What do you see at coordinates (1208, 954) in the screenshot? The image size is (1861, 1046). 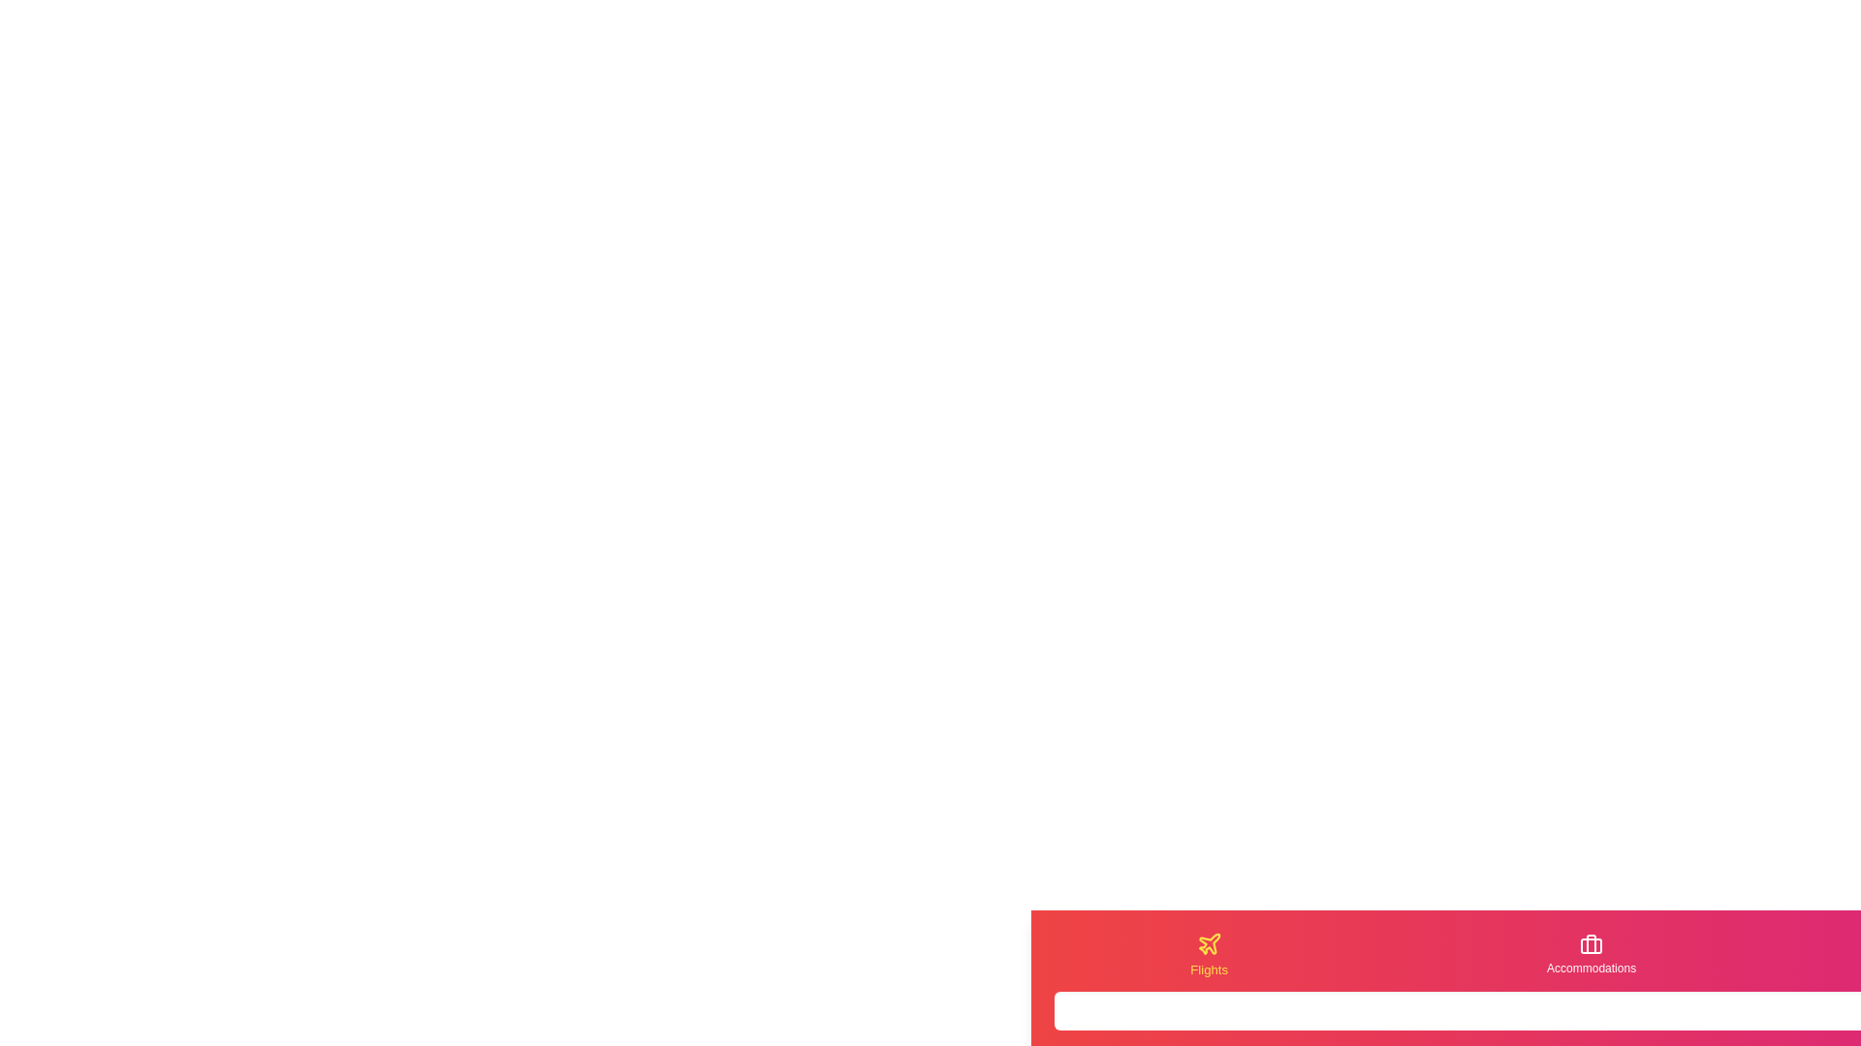 I see `the tab labeled Flights to select it` at bounding box center [1208, 954].